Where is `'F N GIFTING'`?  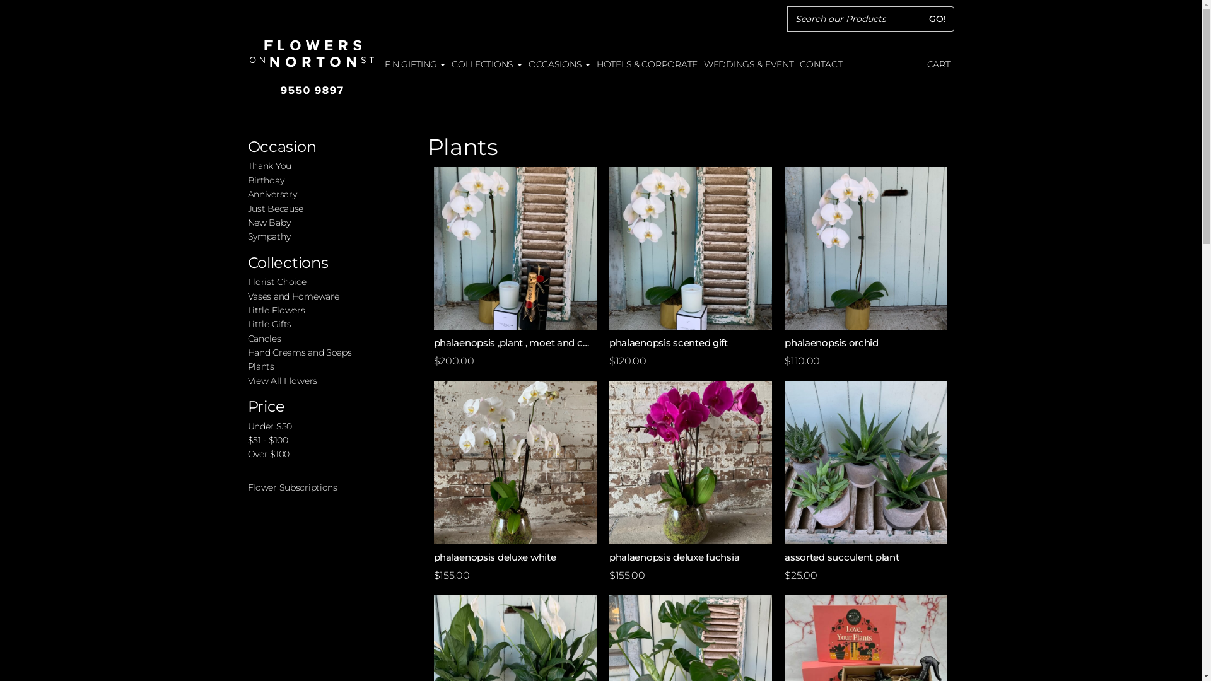 'F N GIFTING' is located at coordinates (414, 64).